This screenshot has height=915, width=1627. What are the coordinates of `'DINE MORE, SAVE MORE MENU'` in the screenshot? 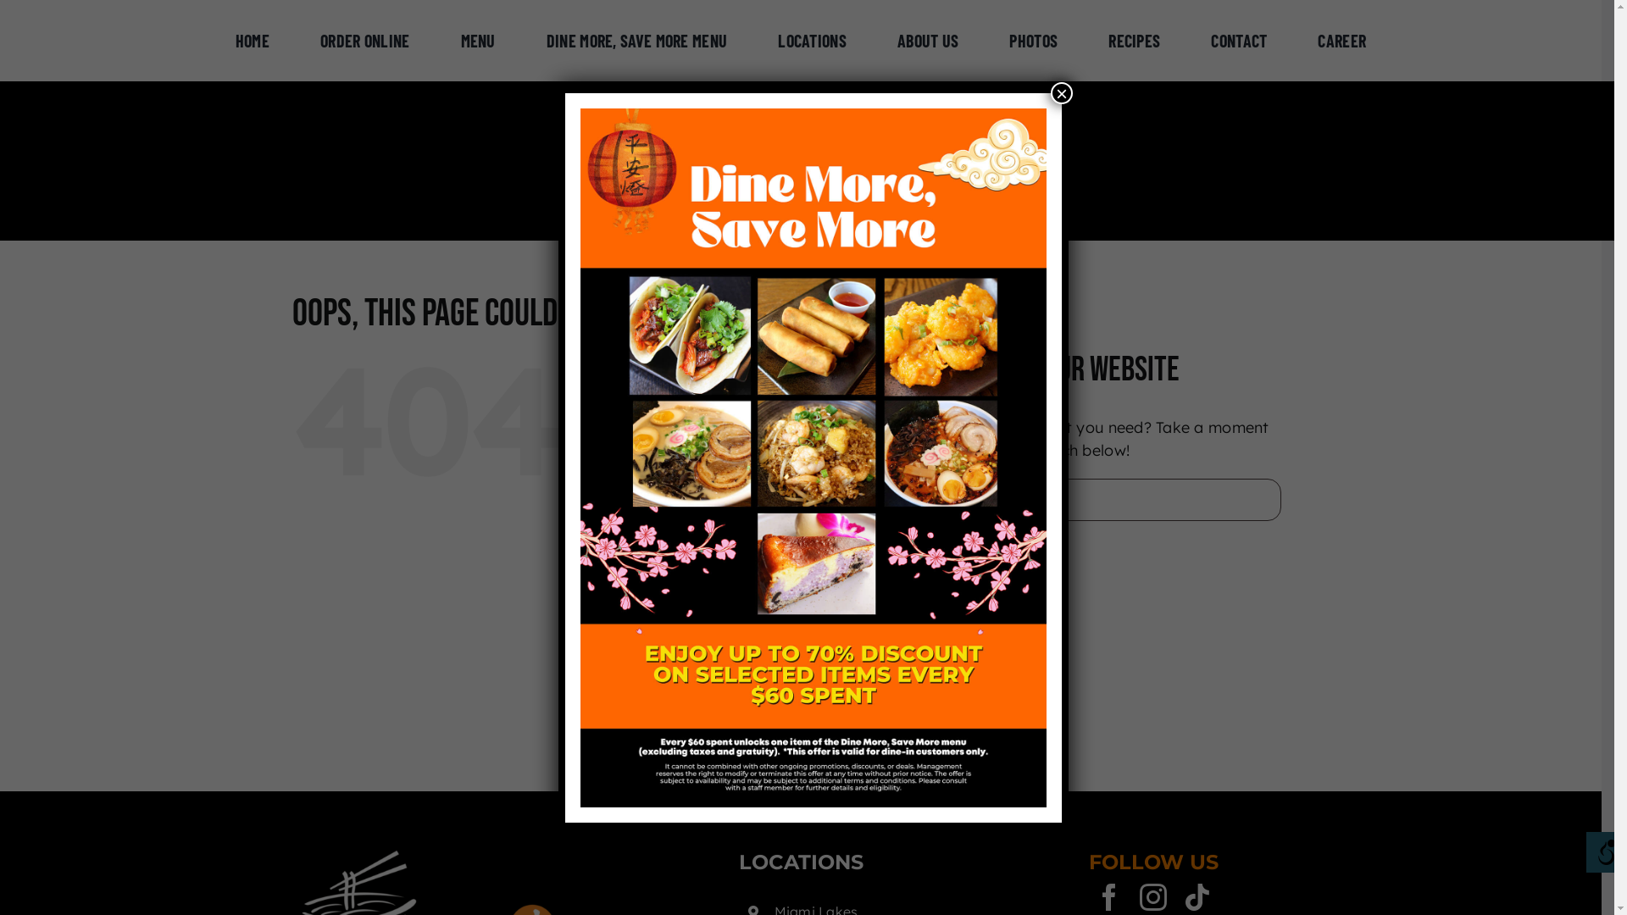 It's located at (636, 39).